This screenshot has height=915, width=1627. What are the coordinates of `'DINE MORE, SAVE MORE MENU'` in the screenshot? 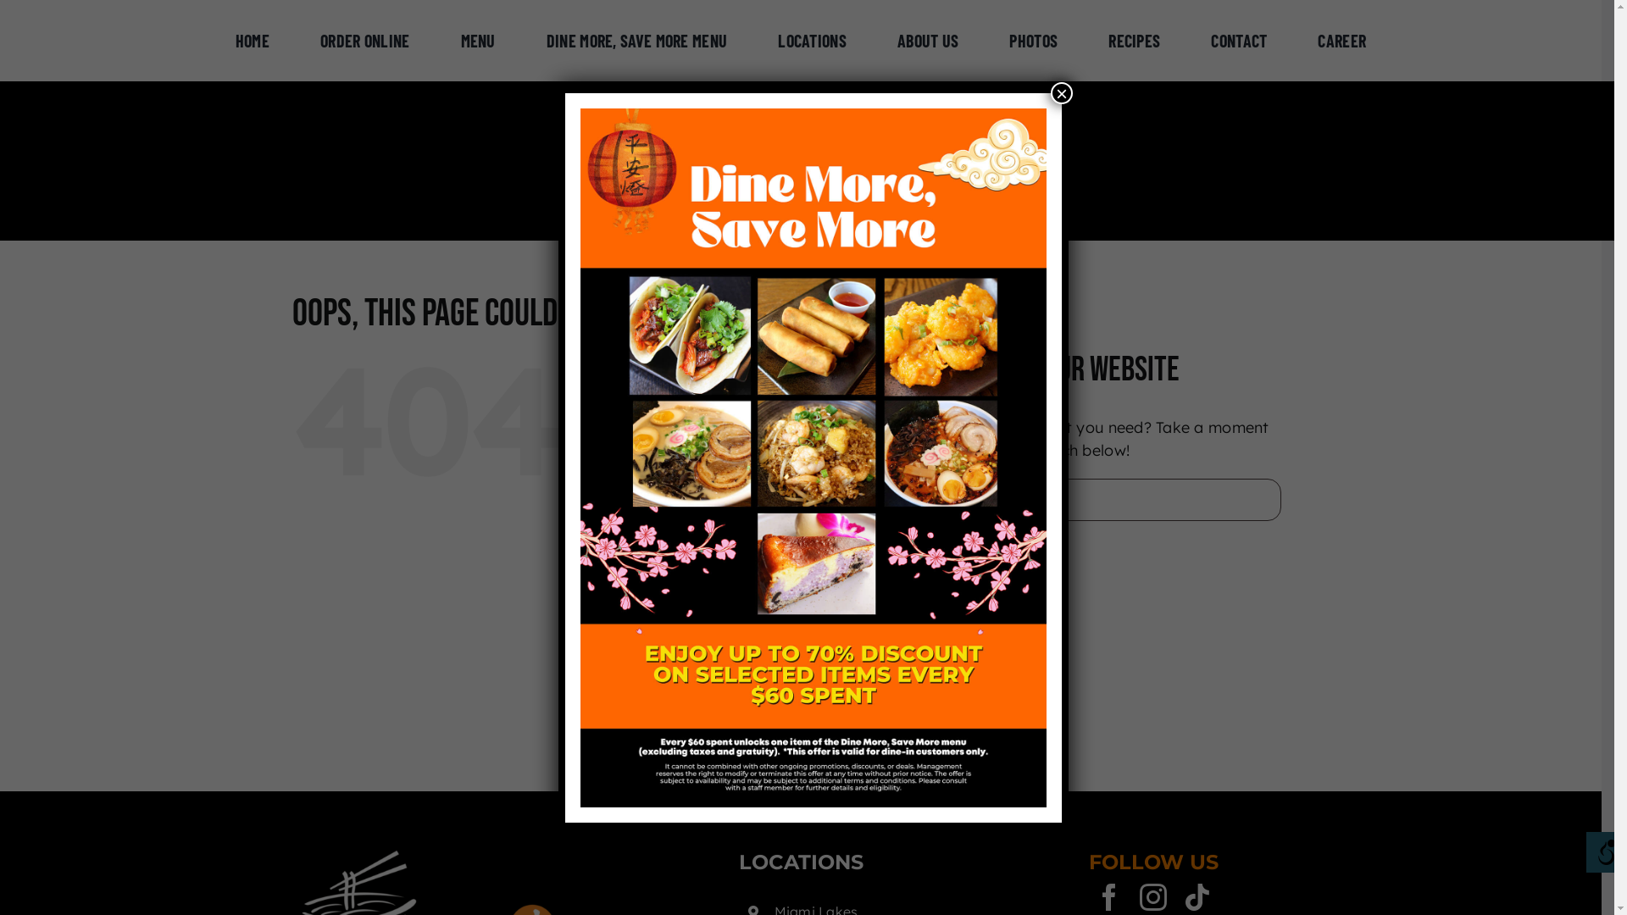 It's located at (636, 39).